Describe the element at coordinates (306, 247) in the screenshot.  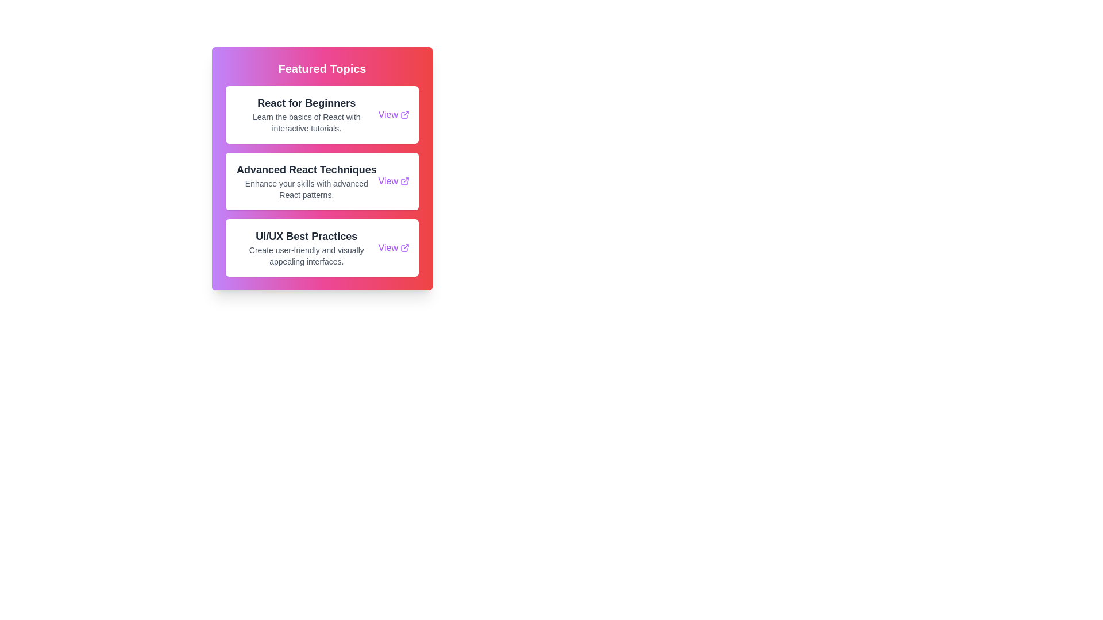
I see `the text content that states 'UI/UX Best Practices' and 'Create user-friendly and visually appealing interfaces,' which is the third item in a vertical list of boxes` at that location.